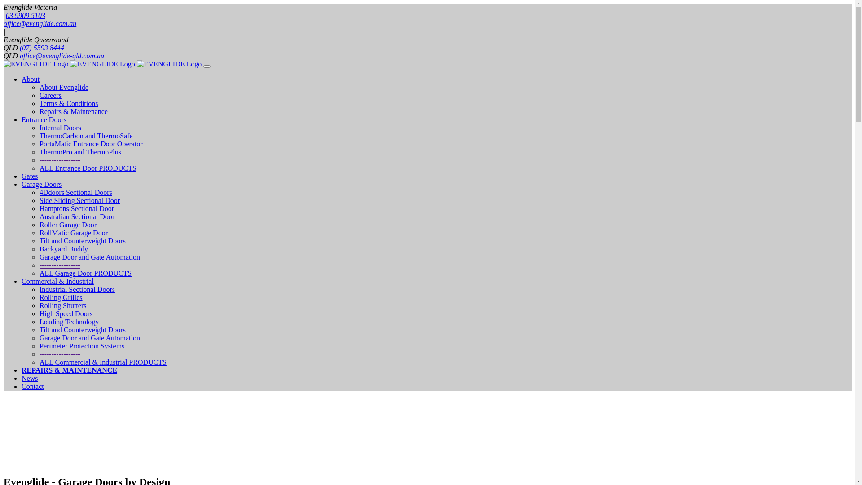 Image resolution: width=862 pixels, height=485 pixels. I want to click on 'ThermoPro and ThermoPlus', so click(39, 151).